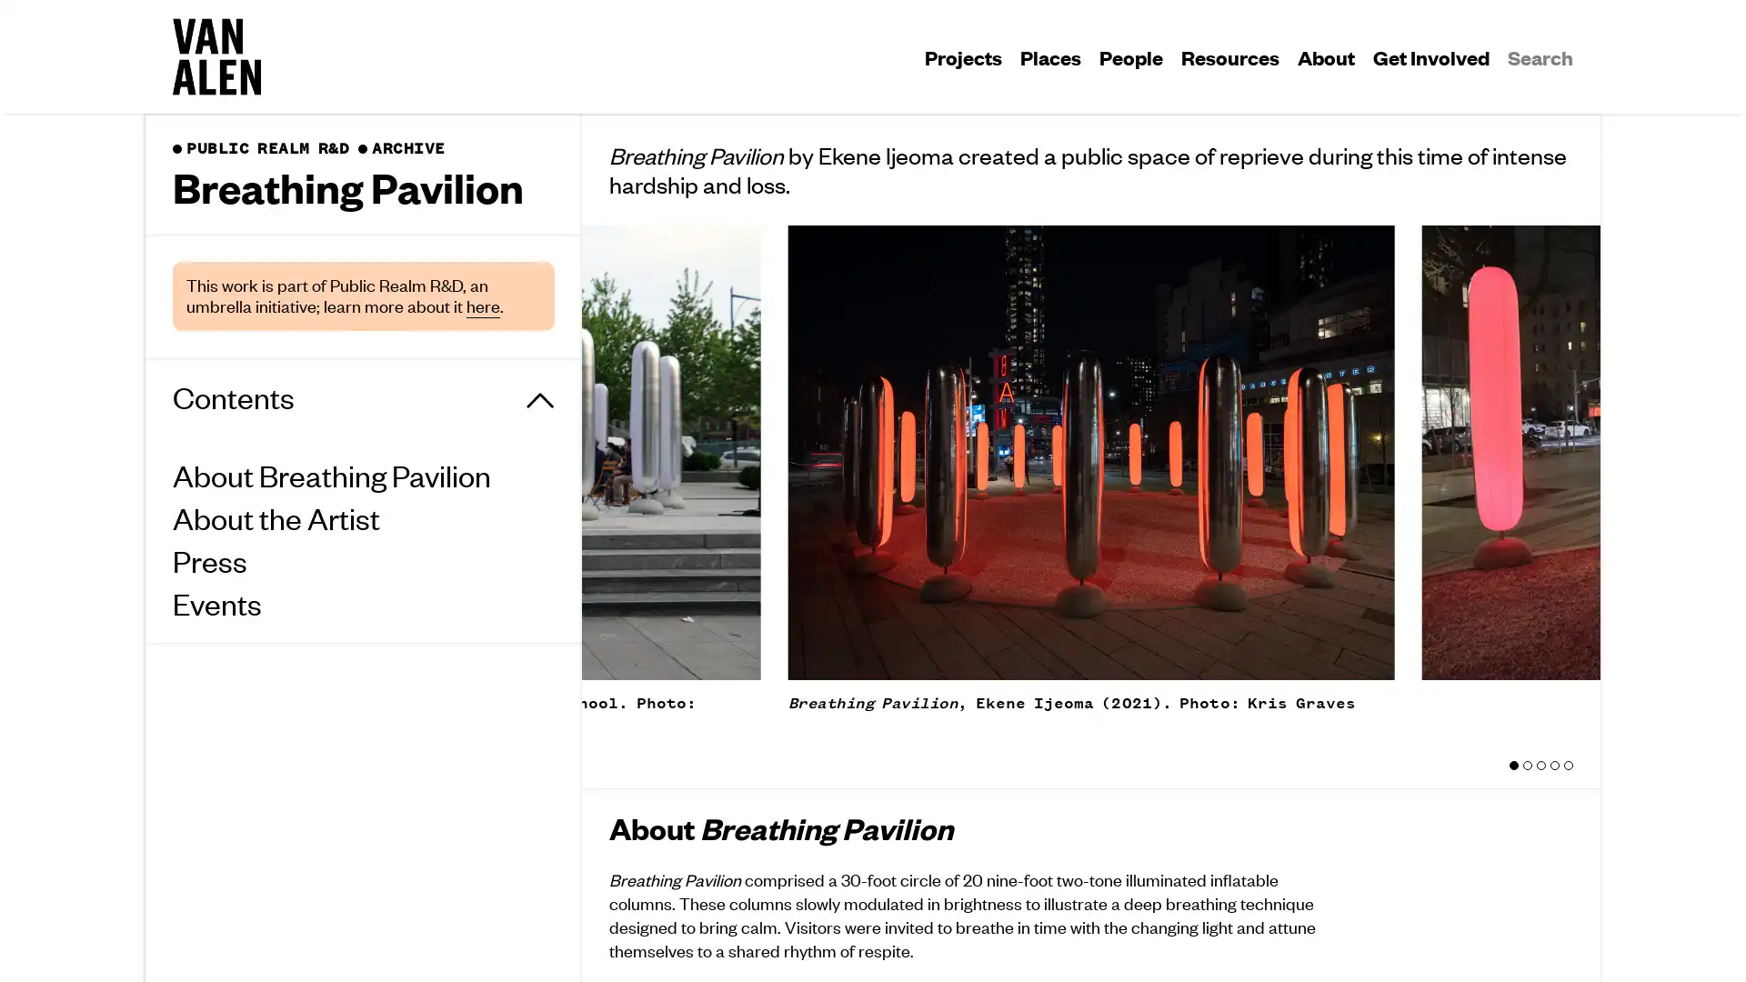  Describe the element at coordinates (1540, 55) in the screenshot. I see `Search` at that location.